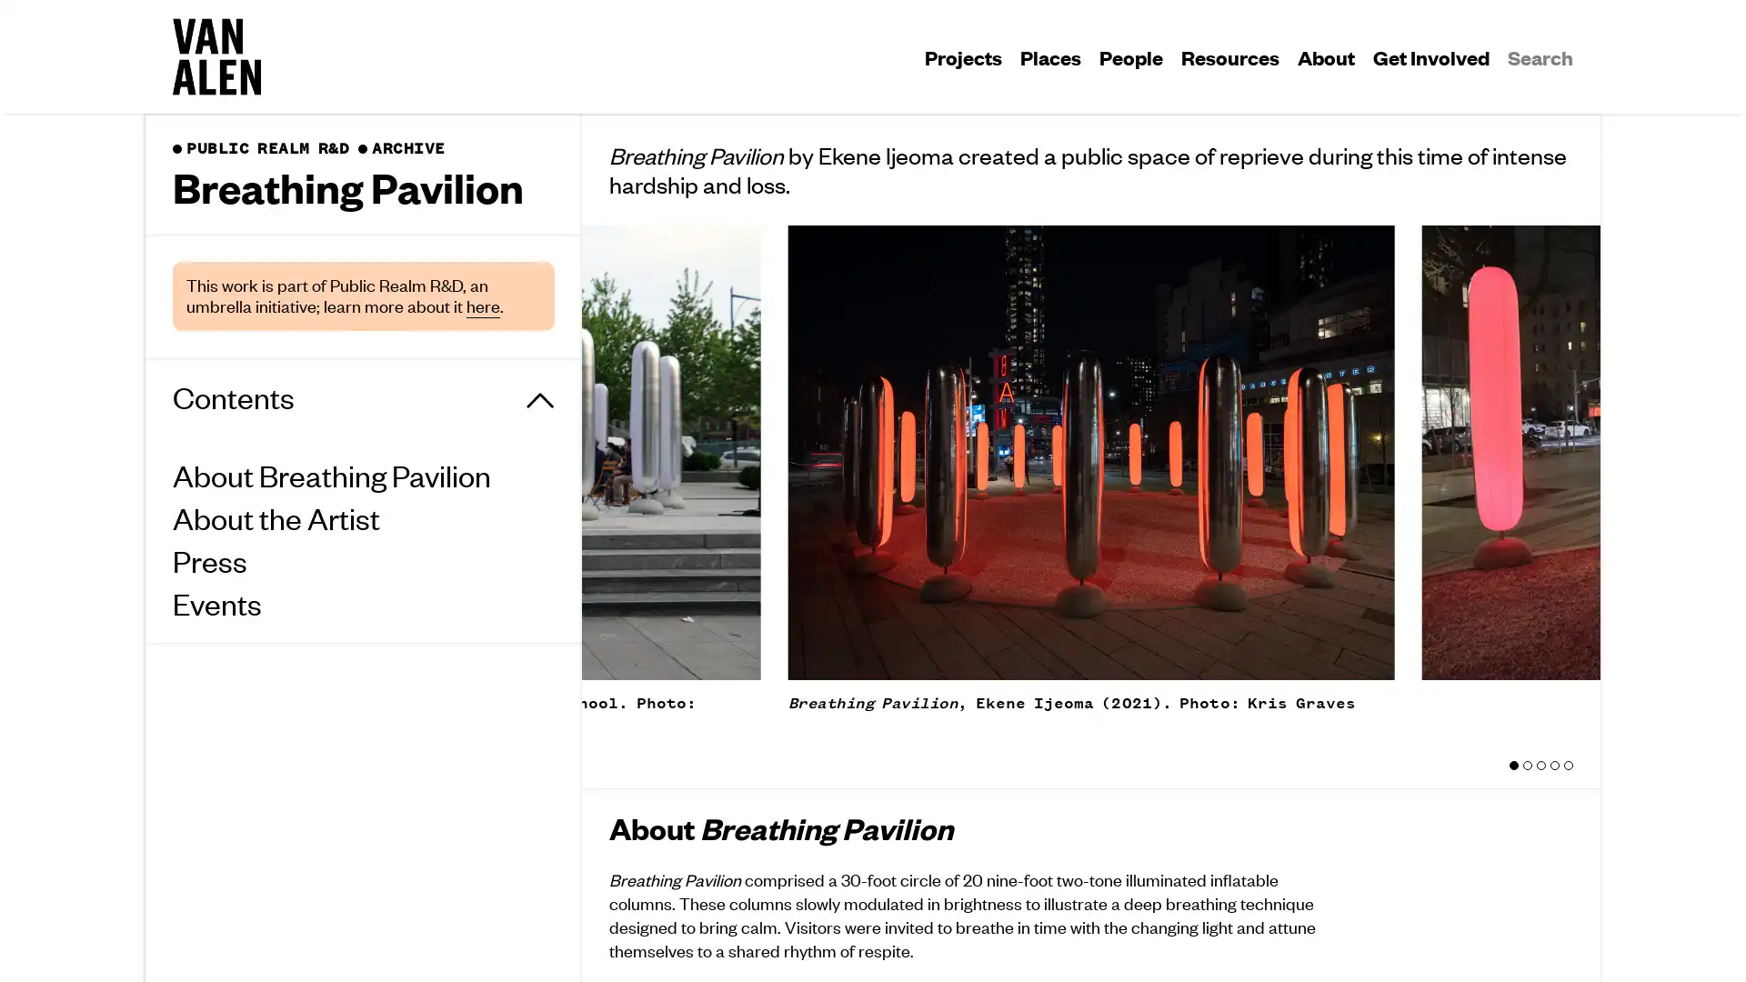  Describe the element at coordinates (1540, 55) in the screenshot. I see `Search` at that location.